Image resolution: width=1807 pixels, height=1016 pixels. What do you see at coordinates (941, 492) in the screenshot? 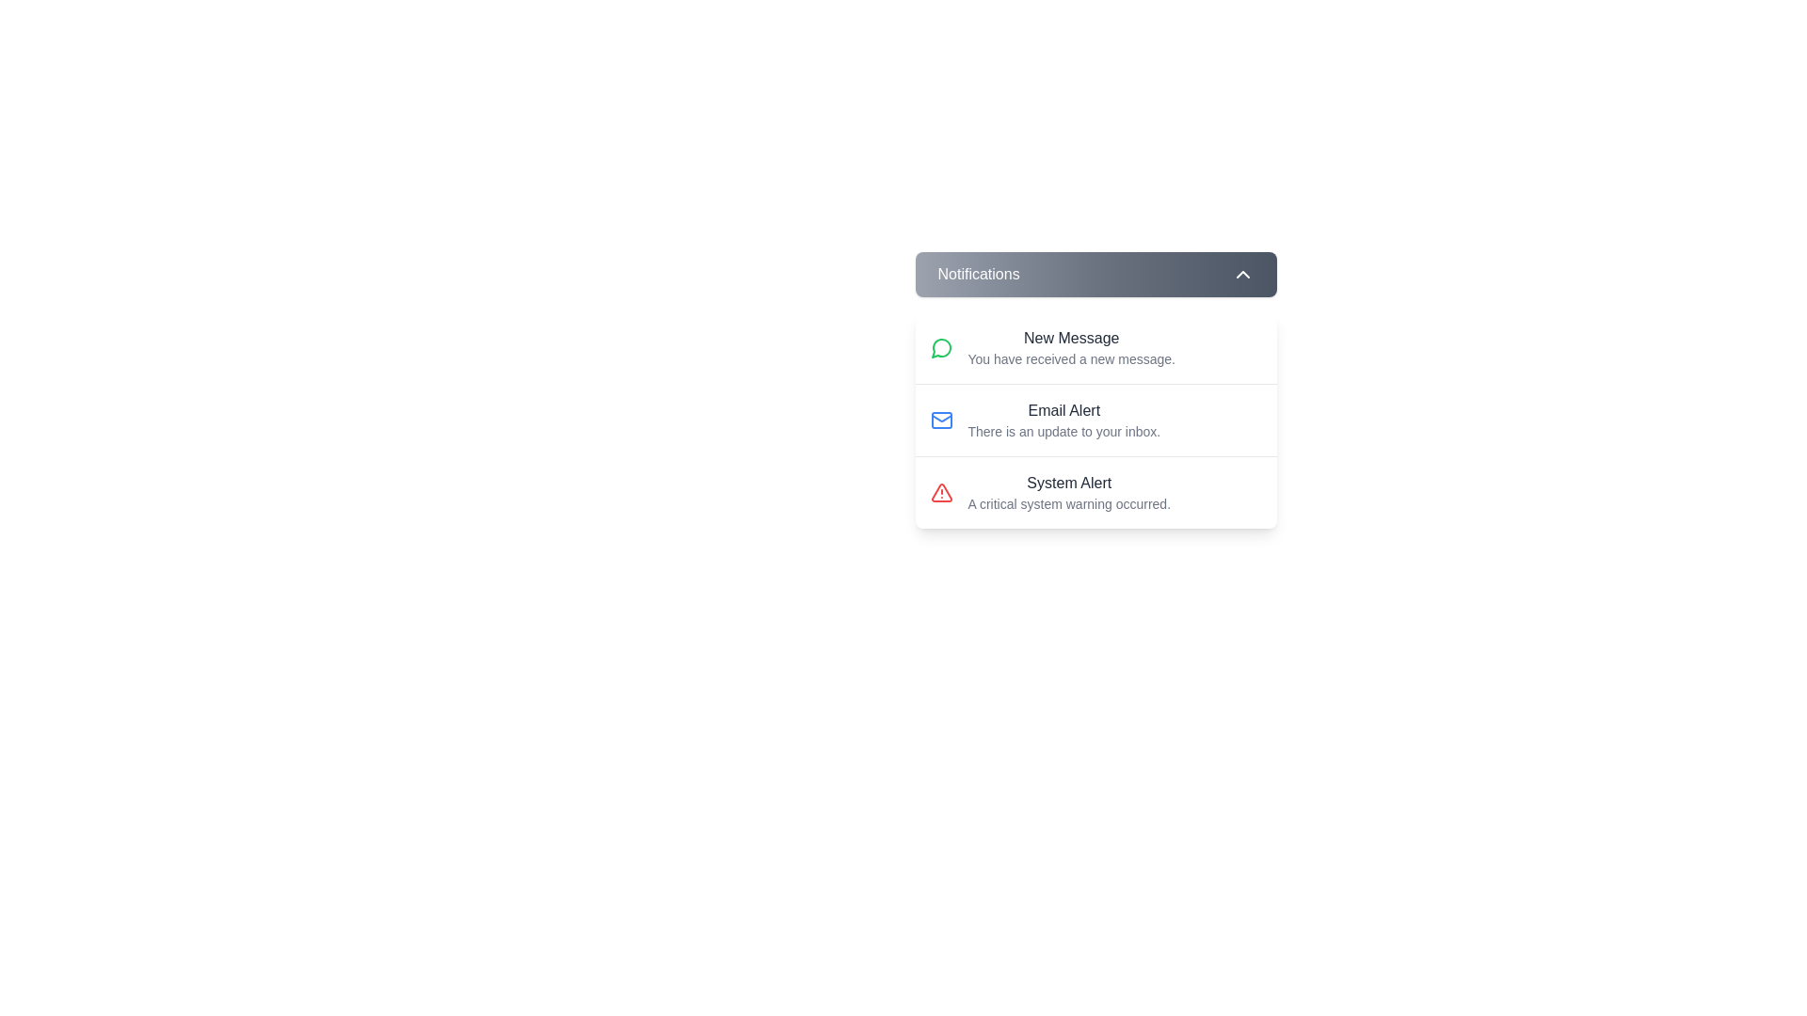
I see `the red triangular alert icon located at the leftmost position of the 'System Alert' entry in the notification section` at bounding box center [941, 492].